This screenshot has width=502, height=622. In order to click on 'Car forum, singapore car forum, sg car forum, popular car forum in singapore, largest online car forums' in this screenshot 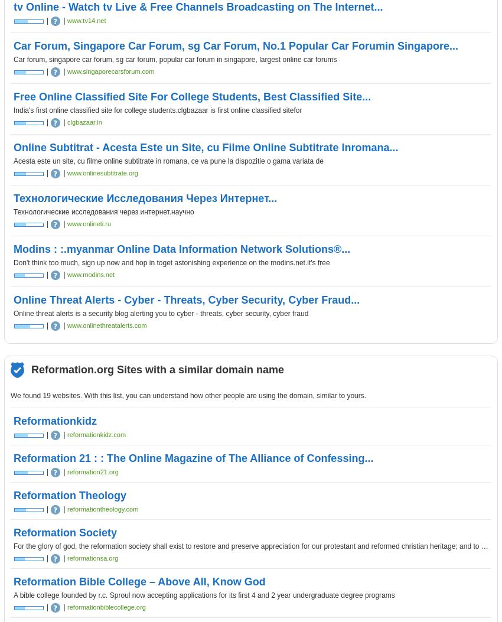, I will do `click(174, 59)`.